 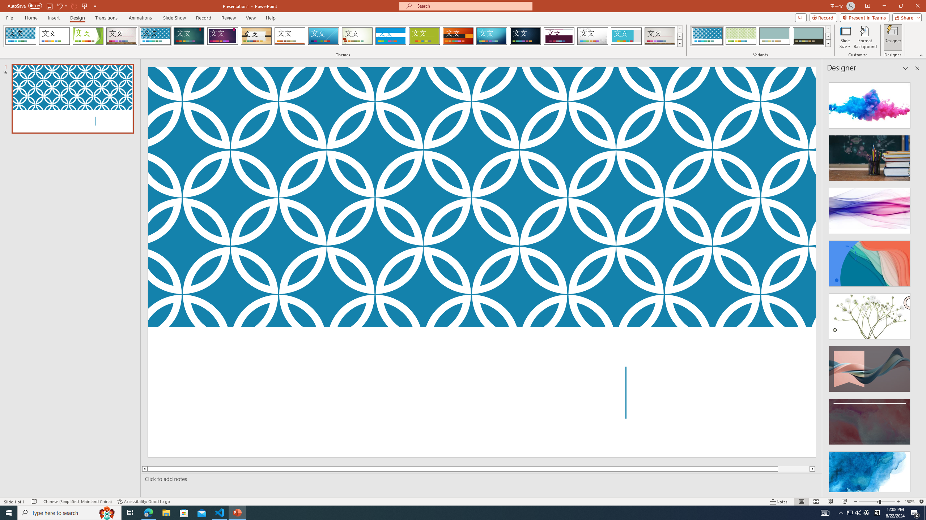 What do you see at coordinates (559, 36) in the screenshot?
I see `'Dividend Loading Preview...'` at bounding box center [559, 36].